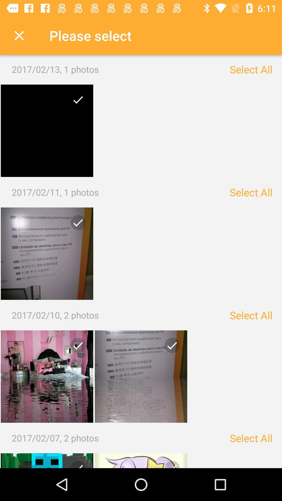 This screenshot has width=282, height=501. Describe the element at coordinates (47, 377) in the screenshot. I see `selected` at that location.